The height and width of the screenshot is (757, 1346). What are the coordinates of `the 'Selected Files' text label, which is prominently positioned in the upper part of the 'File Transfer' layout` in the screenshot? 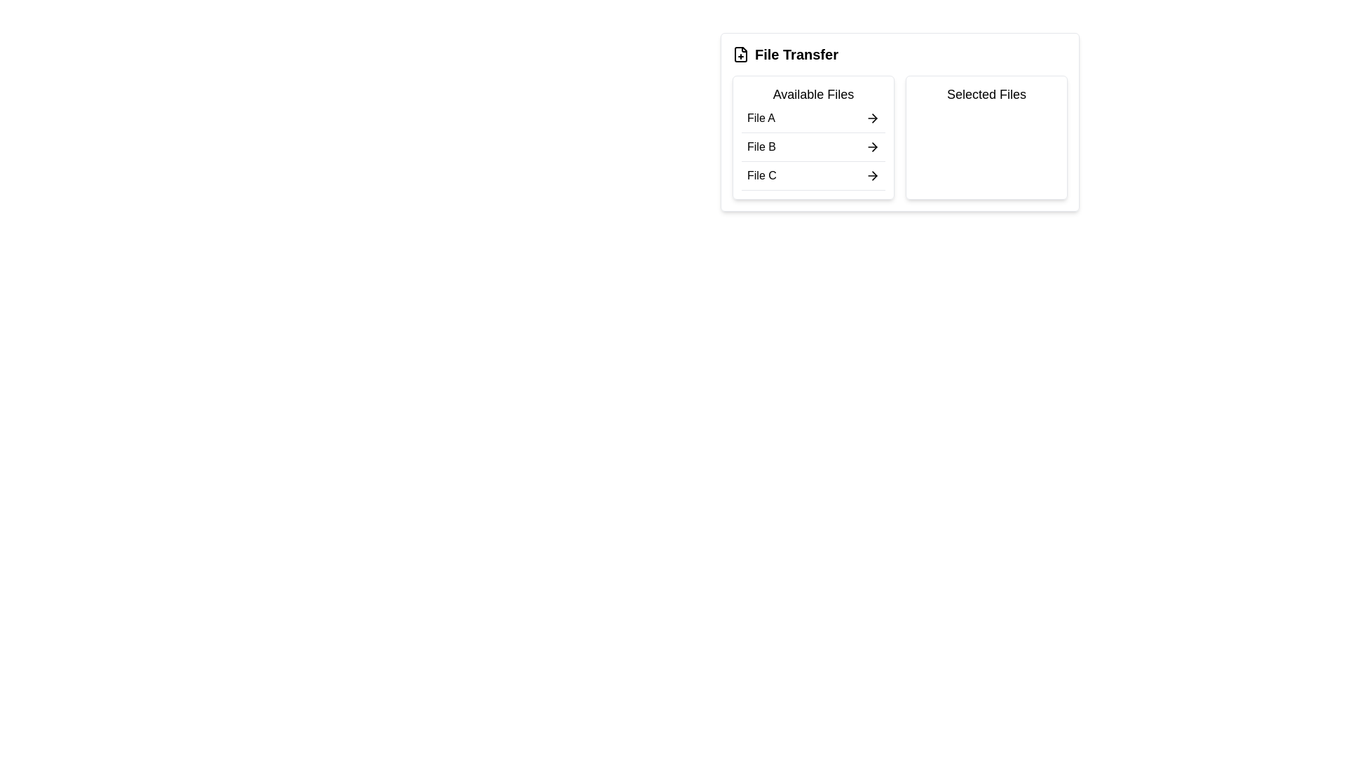 It's located at (986, 95).